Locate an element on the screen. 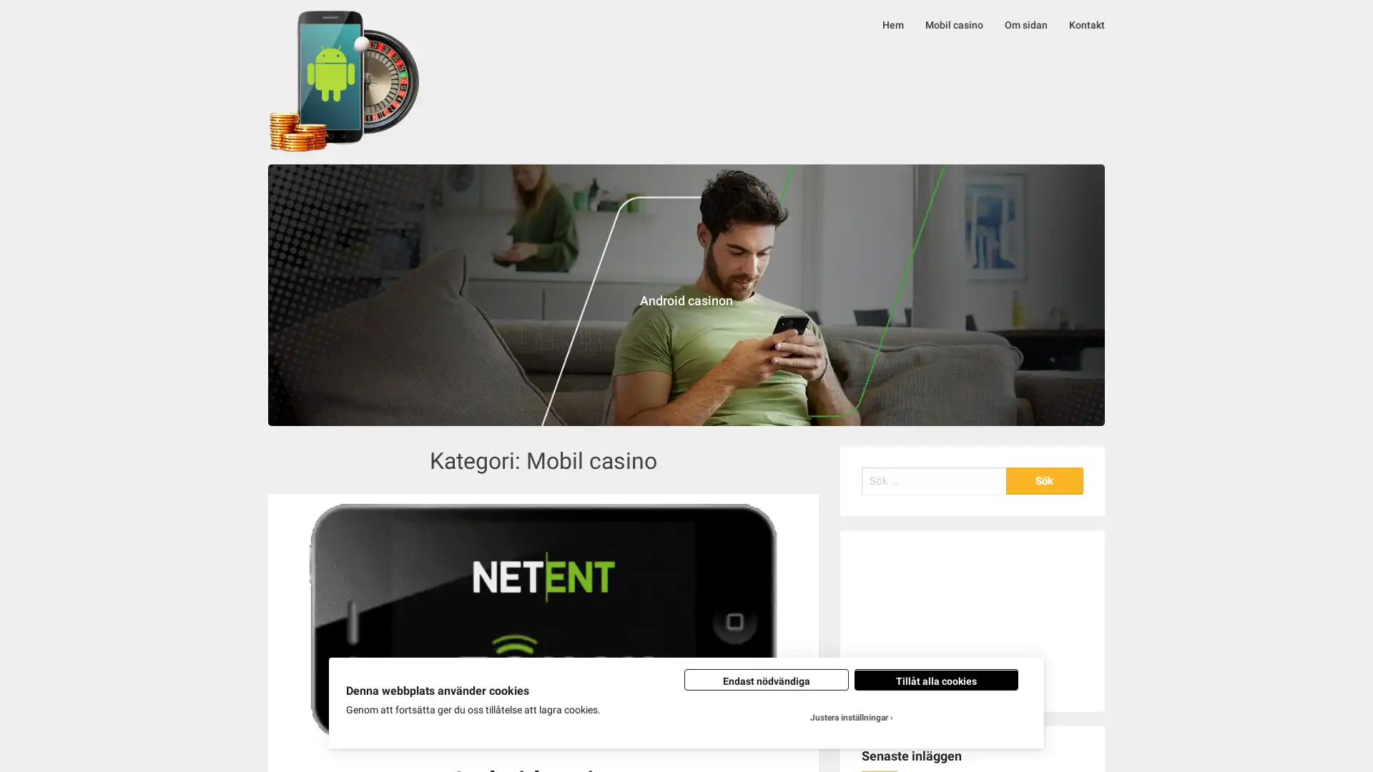 The height and width of the screenshot is (772, 1373). Sok is located at coordinates (1043, 480).